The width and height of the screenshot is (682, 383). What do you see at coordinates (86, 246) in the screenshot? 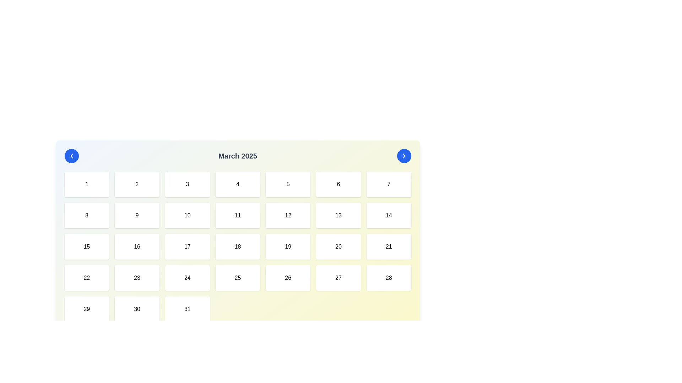
I see `the calendar grid cell containing the number '15'` at bounding box center [86, 246].